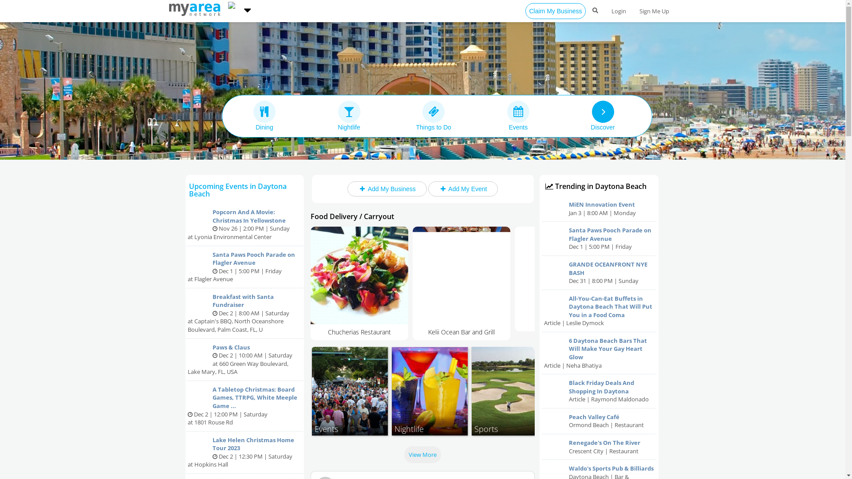 Image resolution: width=852 pixels, height=479 pixels. I want to click on 'GRANDE OCEANFRONT NYE BASH, so click(599, 272).